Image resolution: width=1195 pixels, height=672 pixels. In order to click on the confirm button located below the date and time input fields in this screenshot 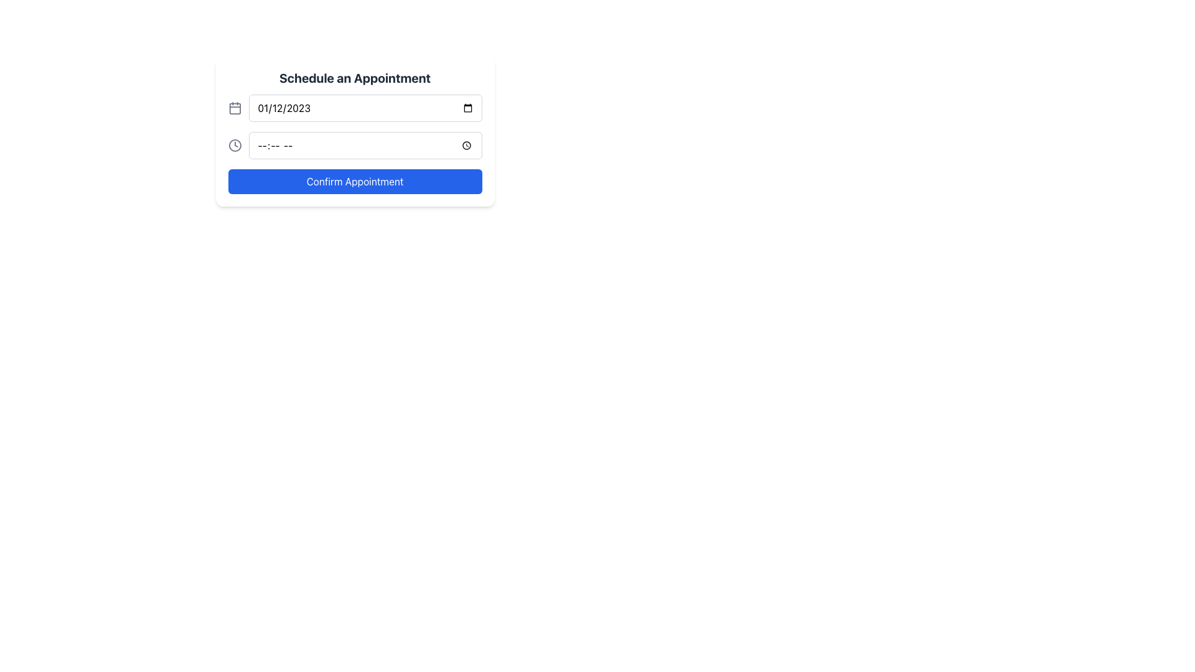, I will do `click(354, 182)`.